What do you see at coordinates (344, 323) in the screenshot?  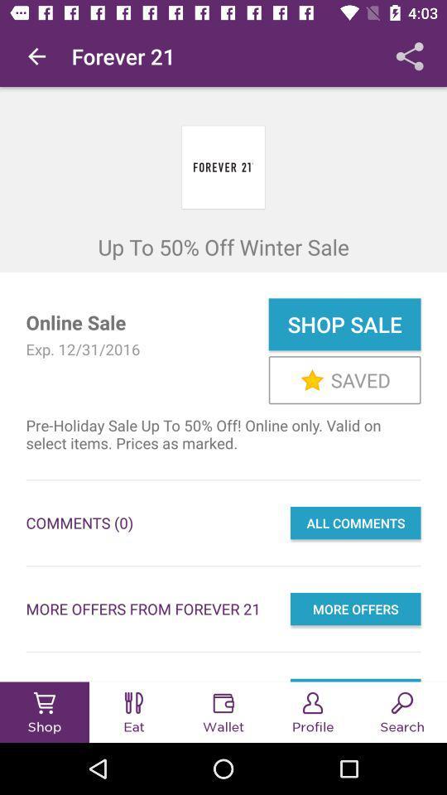 I see `the icon next to online sale` at bounding box center [344, 323].